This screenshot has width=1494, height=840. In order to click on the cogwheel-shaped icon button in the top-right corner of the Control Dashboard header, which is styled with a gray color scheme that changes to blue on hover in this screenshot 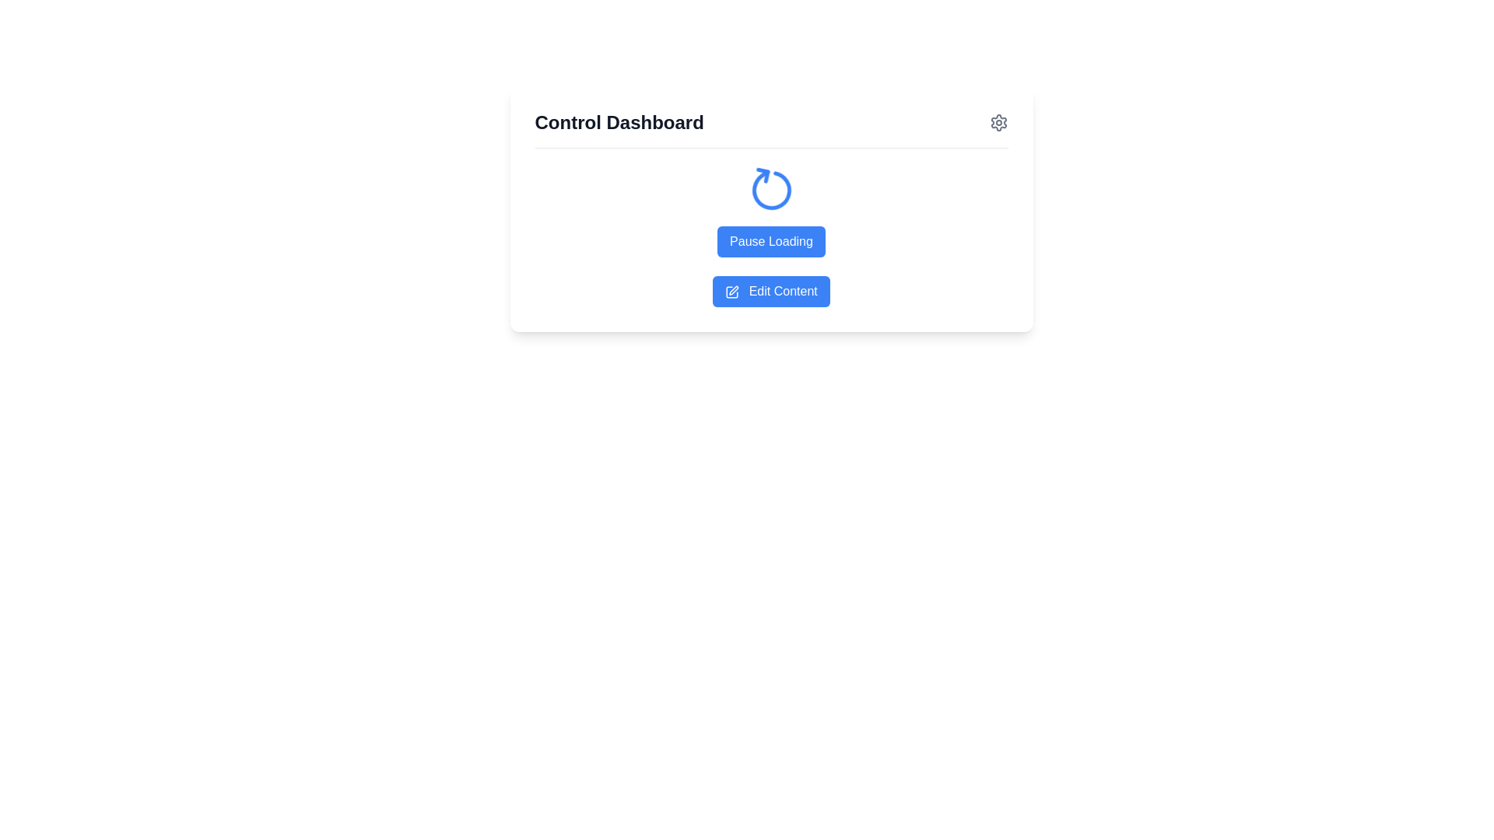, I will do `click(998, 122)`.